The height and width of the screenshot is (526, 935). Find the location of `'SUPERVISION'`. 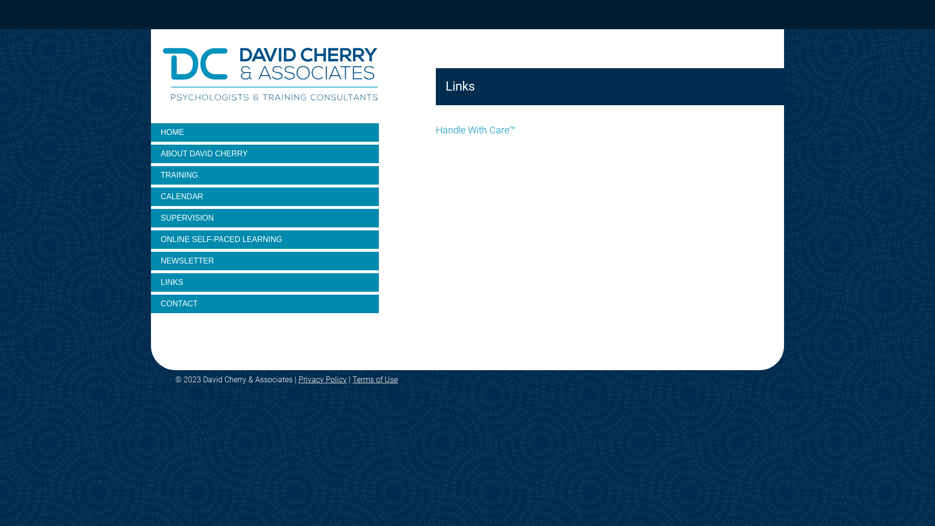

'SUPERVISION' is located at coordinates (264, 219).